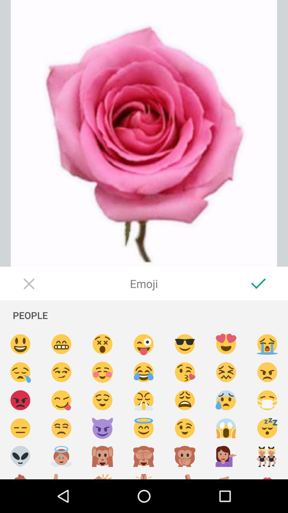 The width and height of the screenshot is (288, 513). Describe the element at coordinates (267, 344) in the screenshot. I see `an emoji` at that location.